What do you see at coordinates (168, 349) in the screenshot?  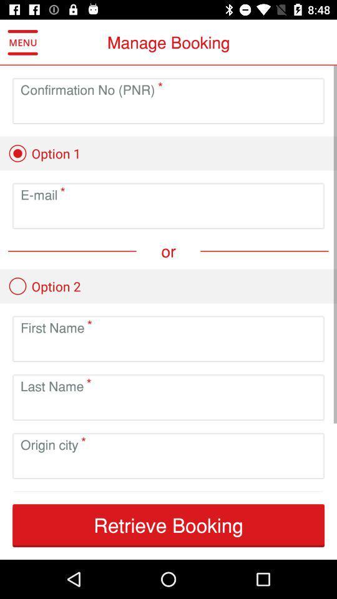 I see `type in first name` at bounding box center [168, 349].